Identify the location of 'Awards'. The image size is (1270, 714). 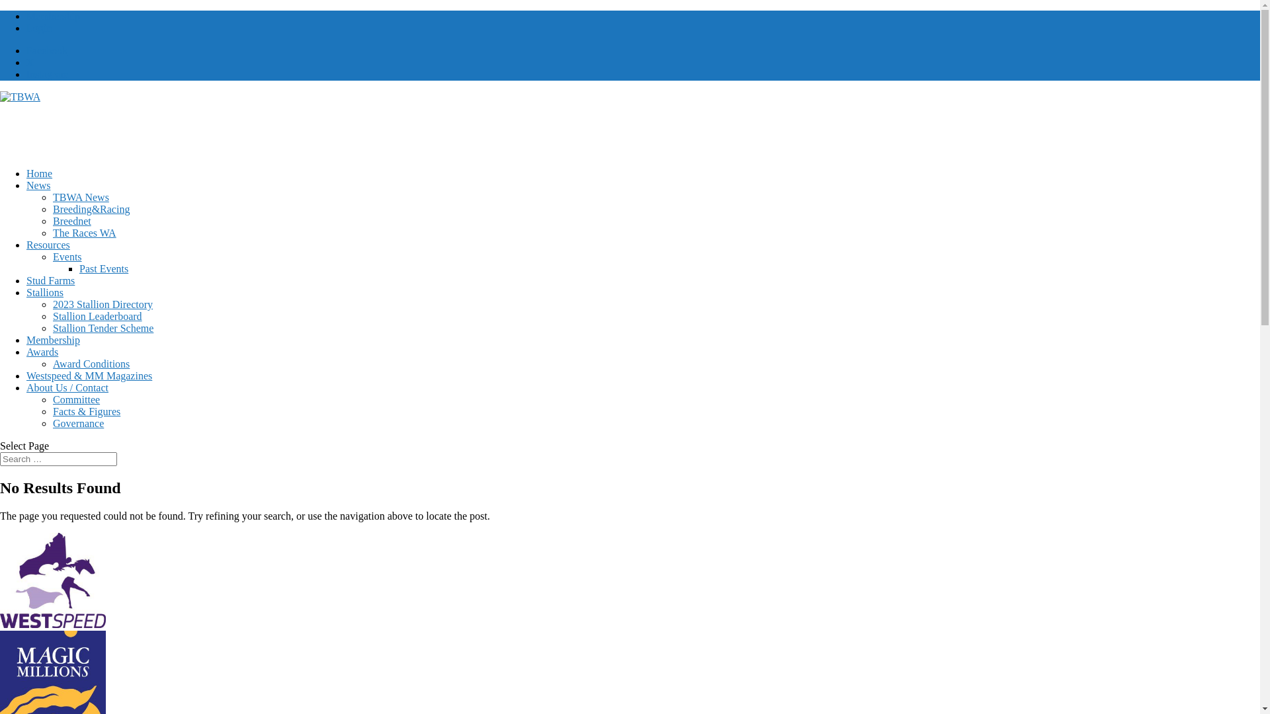
(42, 351).